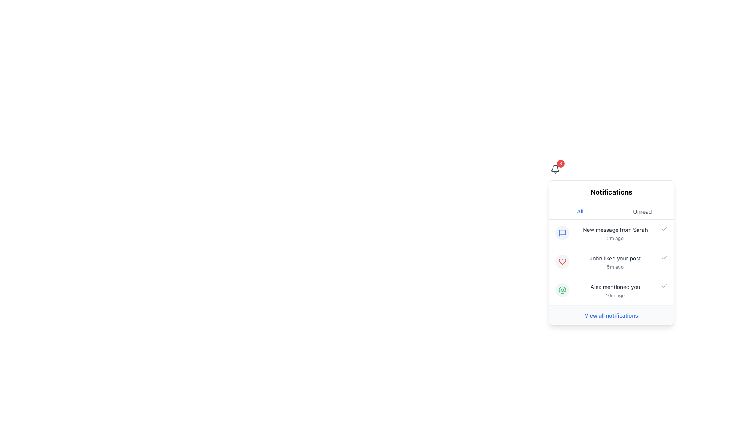  What do you see at coordinates (664, 286) in the screenshot?
I see `the small gray button with a checkmark icon` at bounding box center [664, 286].